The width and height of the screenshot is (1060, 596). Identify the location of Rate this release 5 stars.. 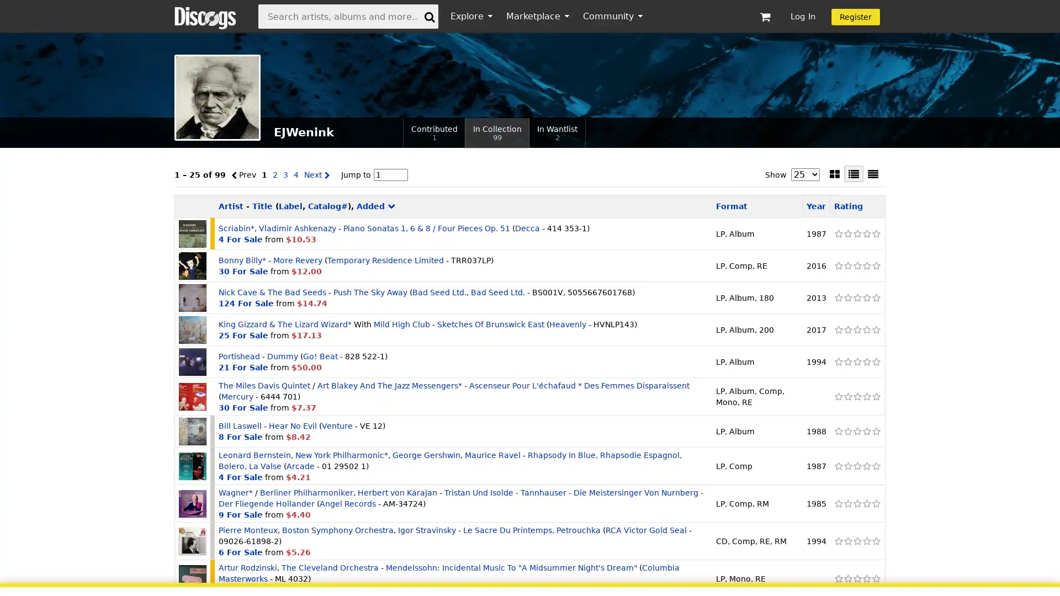
(875, 396).